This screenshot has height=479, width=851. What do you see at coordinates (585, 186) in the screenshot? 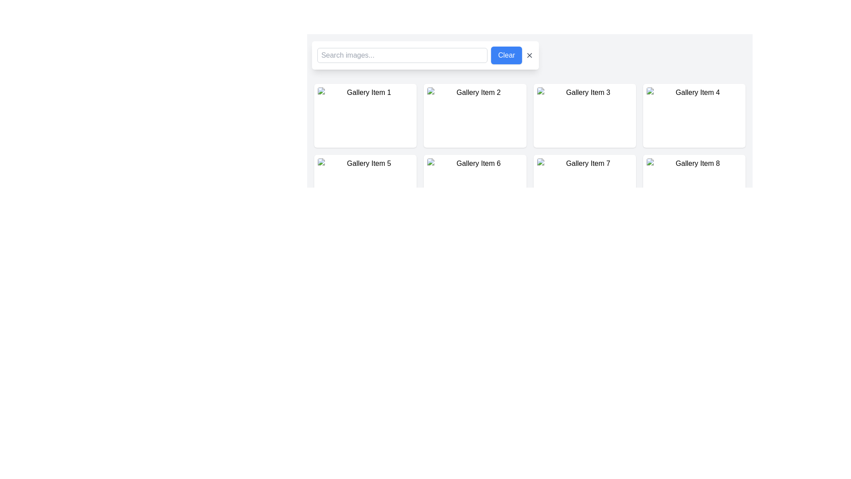
I see `the thumbnail preview image labeled 'Image 7'` at bounding box center [585, 186].